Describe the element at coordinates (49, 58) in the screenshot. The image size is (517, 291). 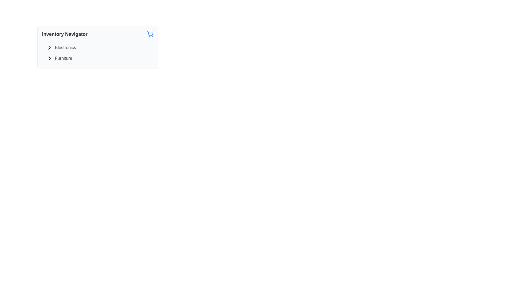
I see `the second arrow icon located to the left of the 'Furniture' label in the 'Inventory Navigator' panel` at that location.